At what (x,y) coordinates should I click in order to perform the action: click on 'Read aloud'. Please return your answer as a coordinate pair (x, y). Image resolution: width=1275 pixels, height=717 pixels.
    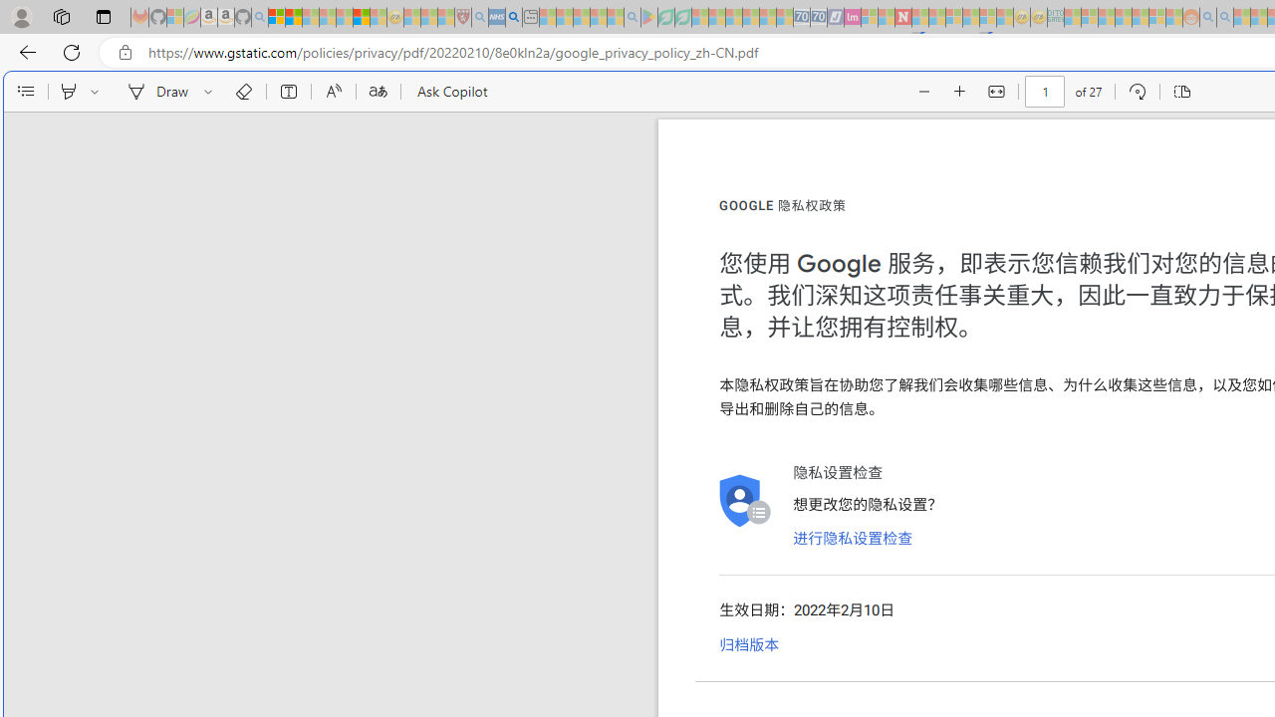
    Looking at the image, I should click on (333, 92).